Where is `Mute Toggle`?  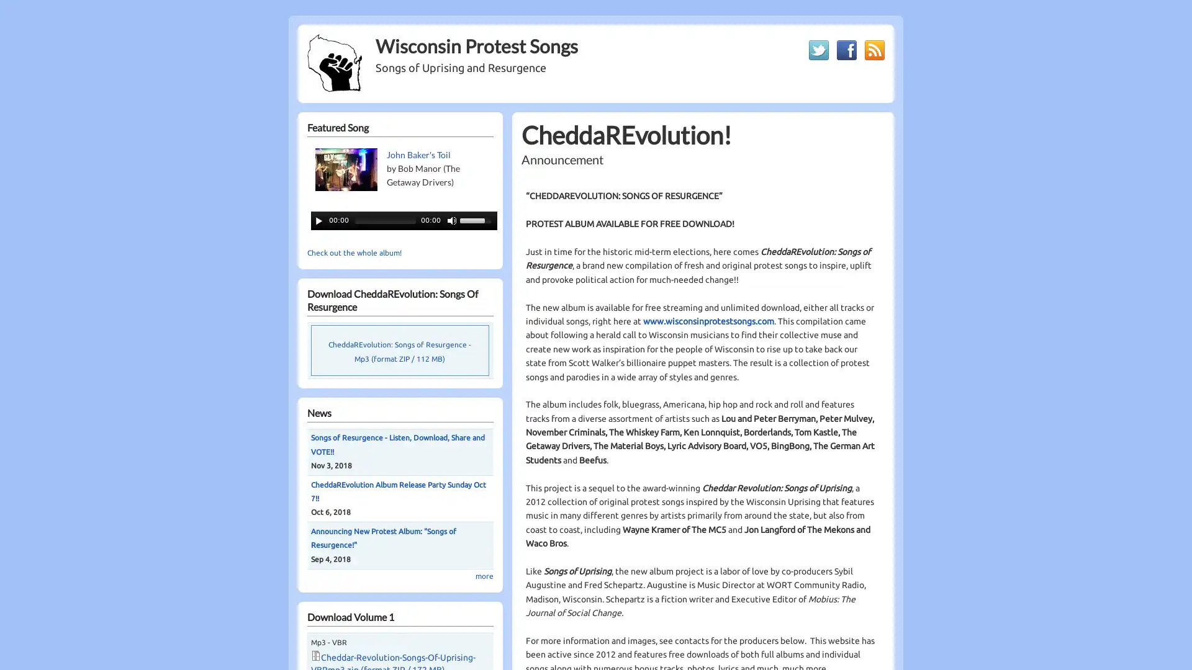 Mute Toggle is located at coordinates (451, 219).